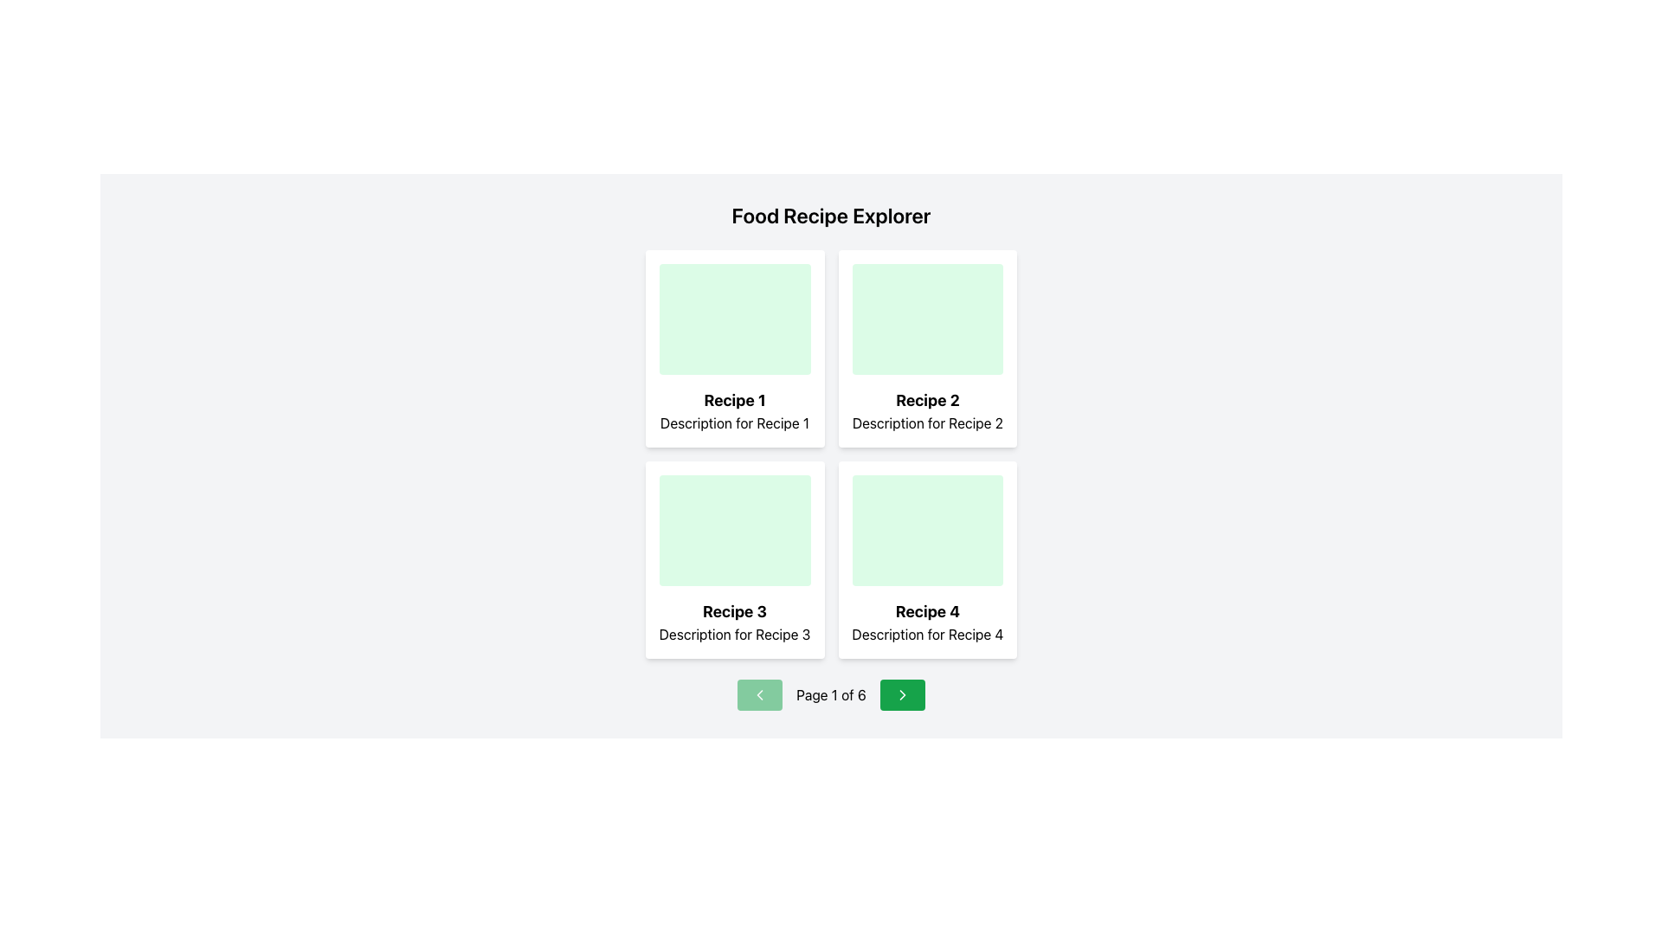 This screenshot has height=935, width=1662. Describe the element at coordinates (760, 693) in the screenshot. I see `the navigation icon located to the left of the 'Page 1 of 6' text in the pagination area` at that location.